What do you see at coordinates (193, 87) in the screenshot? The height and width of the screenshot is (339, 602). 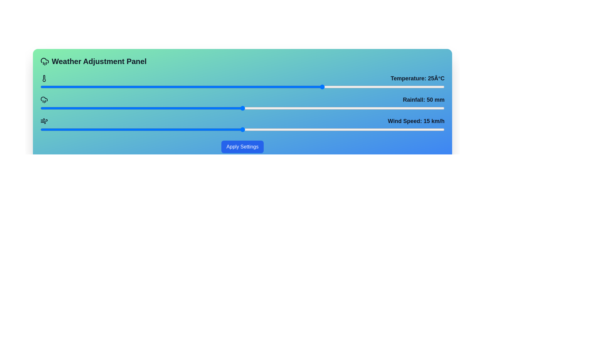 I see `the temperature slider` at bounding box center [193, 87].